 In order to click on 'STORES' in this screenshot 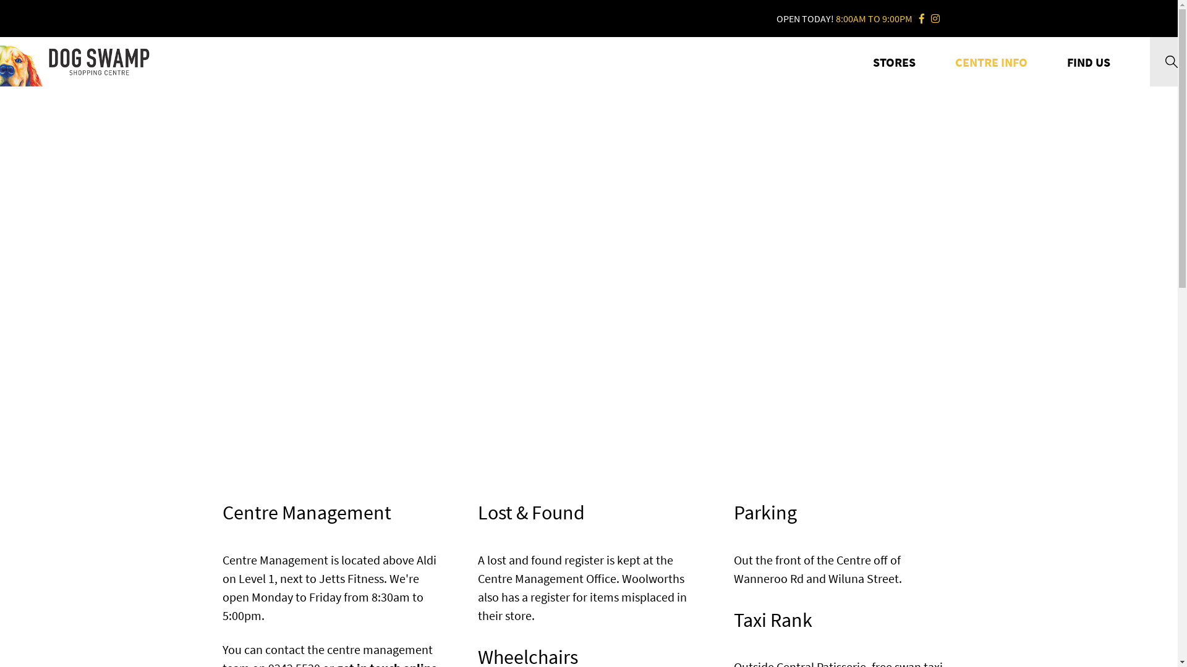, I will do `click(894, 62)`.